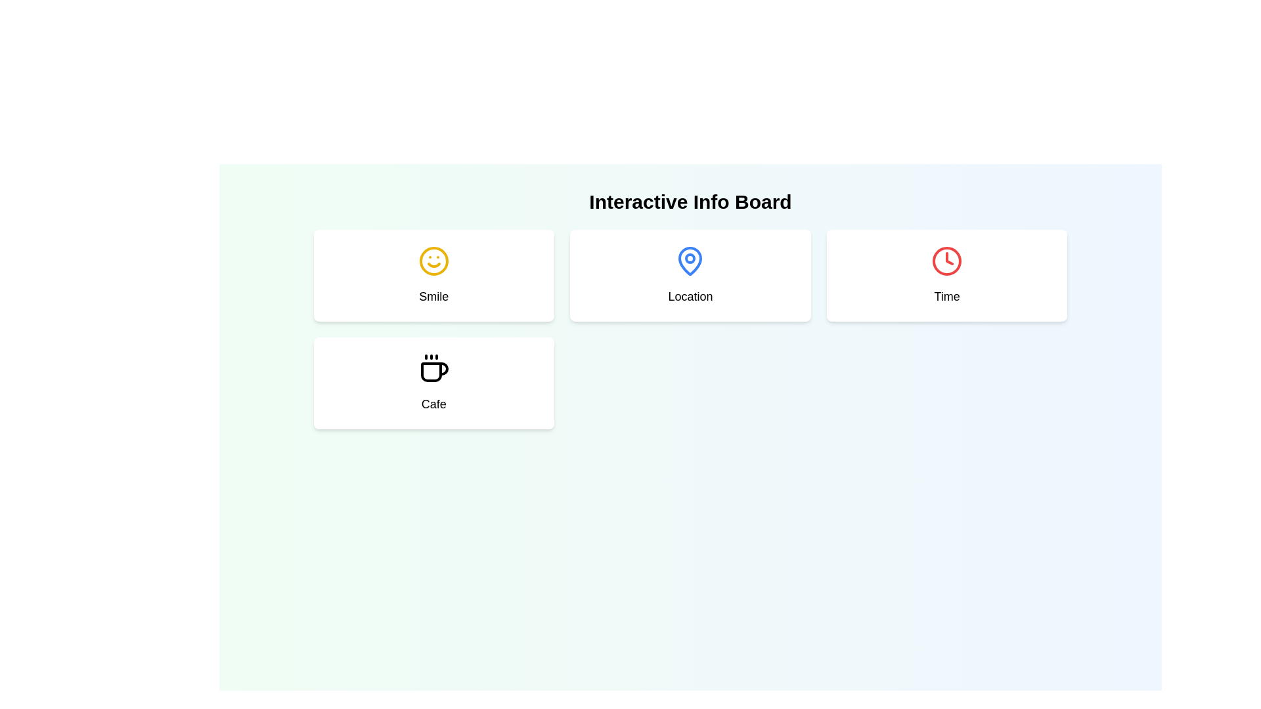 This screenshot has height=709, width=1261. I want to click on the circular smiling face graphical element representing the 'Smile' category, located at the top-left of the grid layout, so click(433, 261).